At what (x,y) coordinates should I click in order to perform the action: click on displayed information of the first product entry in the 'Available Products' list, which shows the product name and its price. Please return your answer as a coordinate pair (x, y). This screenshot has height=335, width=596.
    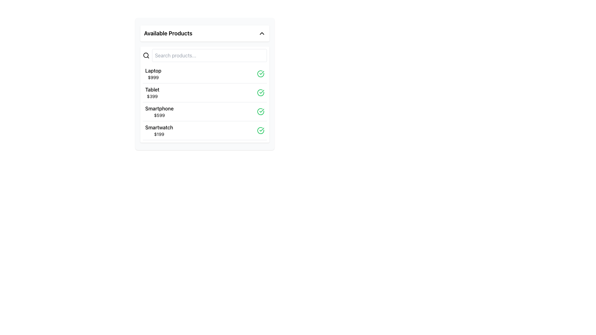
    Looking at the image, I should click on (153, 74).